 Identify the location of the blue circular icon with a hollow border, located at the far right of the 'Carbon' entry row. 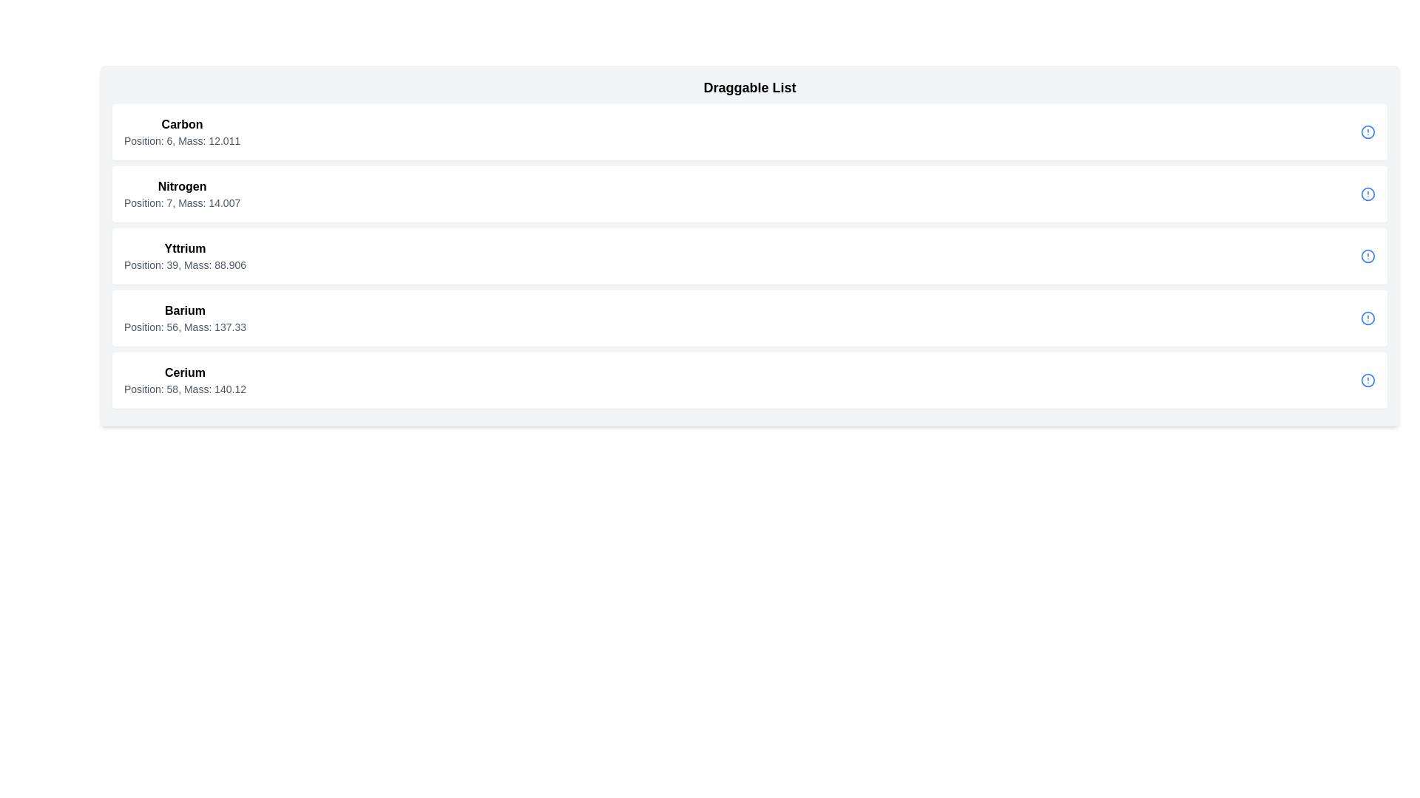
(1367, 131).